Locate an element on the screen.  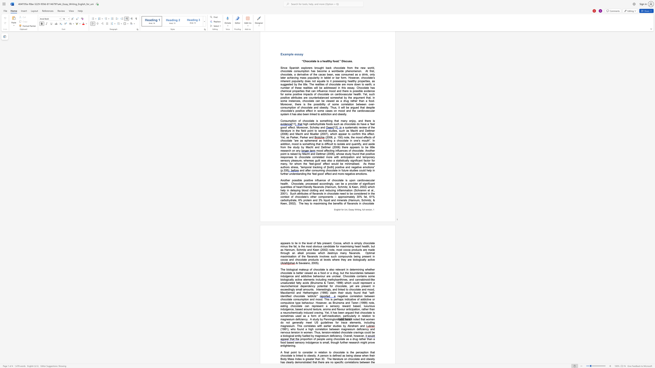
the subset text "ture on chocolate" within the text "The literature on chocolate and obesity has clearly" is located at coordinates (338, 359).